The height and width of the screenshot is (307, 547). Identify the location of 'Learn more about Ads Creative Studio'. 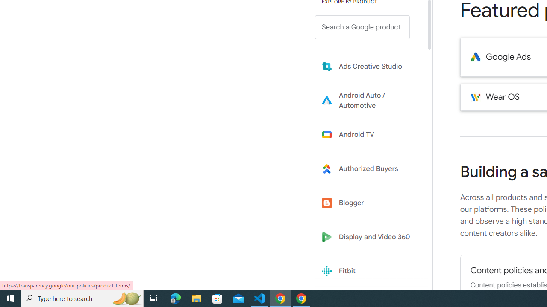
(368, 66).